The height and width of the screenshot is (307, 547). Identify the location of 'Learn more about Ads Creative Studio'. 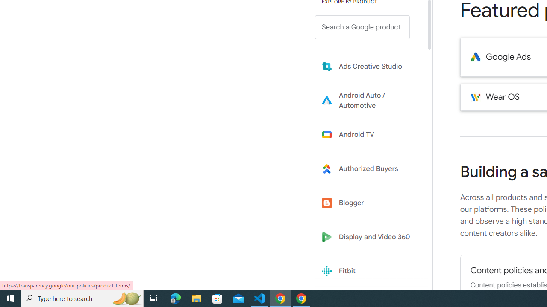
(368, 66).